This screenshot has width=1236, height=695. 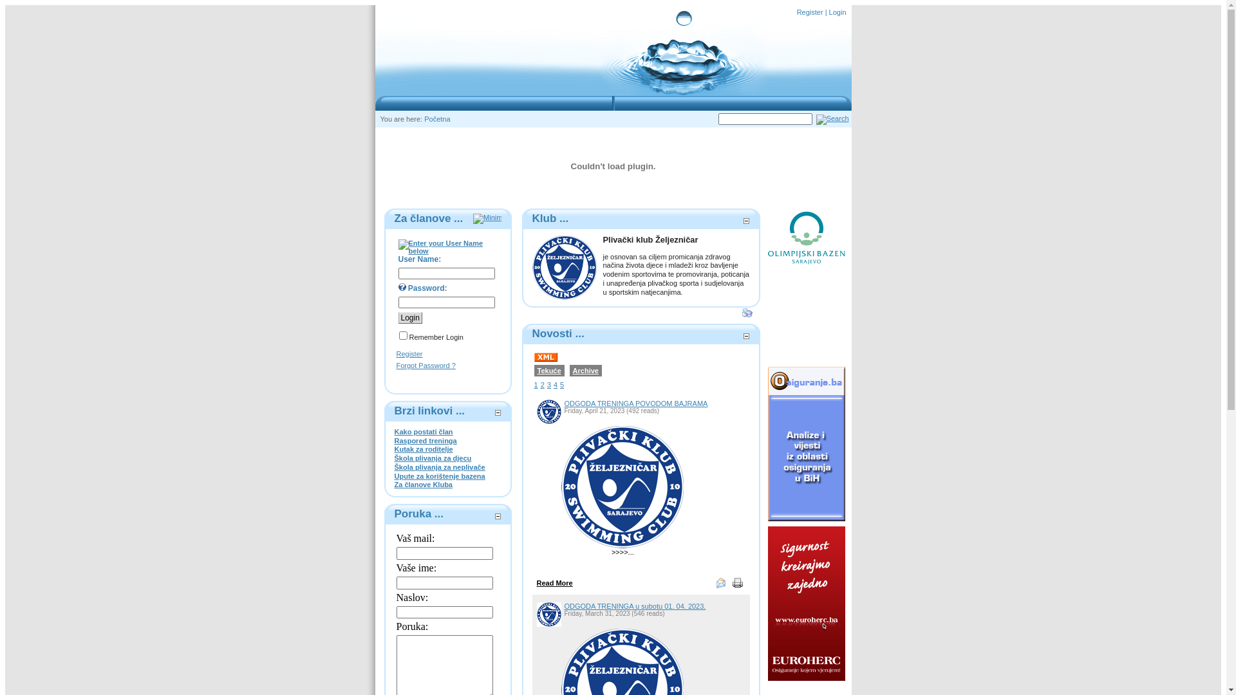 I want to click on 'Print', so click(x=738, y=583).